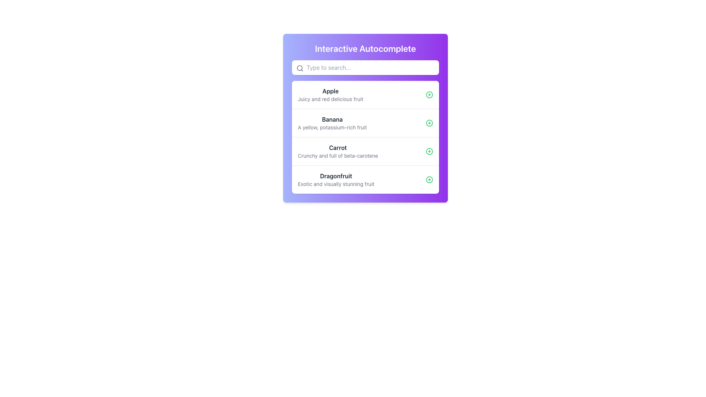 The height and width of the screenshot is (397, 706). What do you see at coordinates (336, 180) in the screenshot?
I see `text displayed in the fourth row of the list item, which provides the name and description of an item or entity` at bounding box center [336, 180].